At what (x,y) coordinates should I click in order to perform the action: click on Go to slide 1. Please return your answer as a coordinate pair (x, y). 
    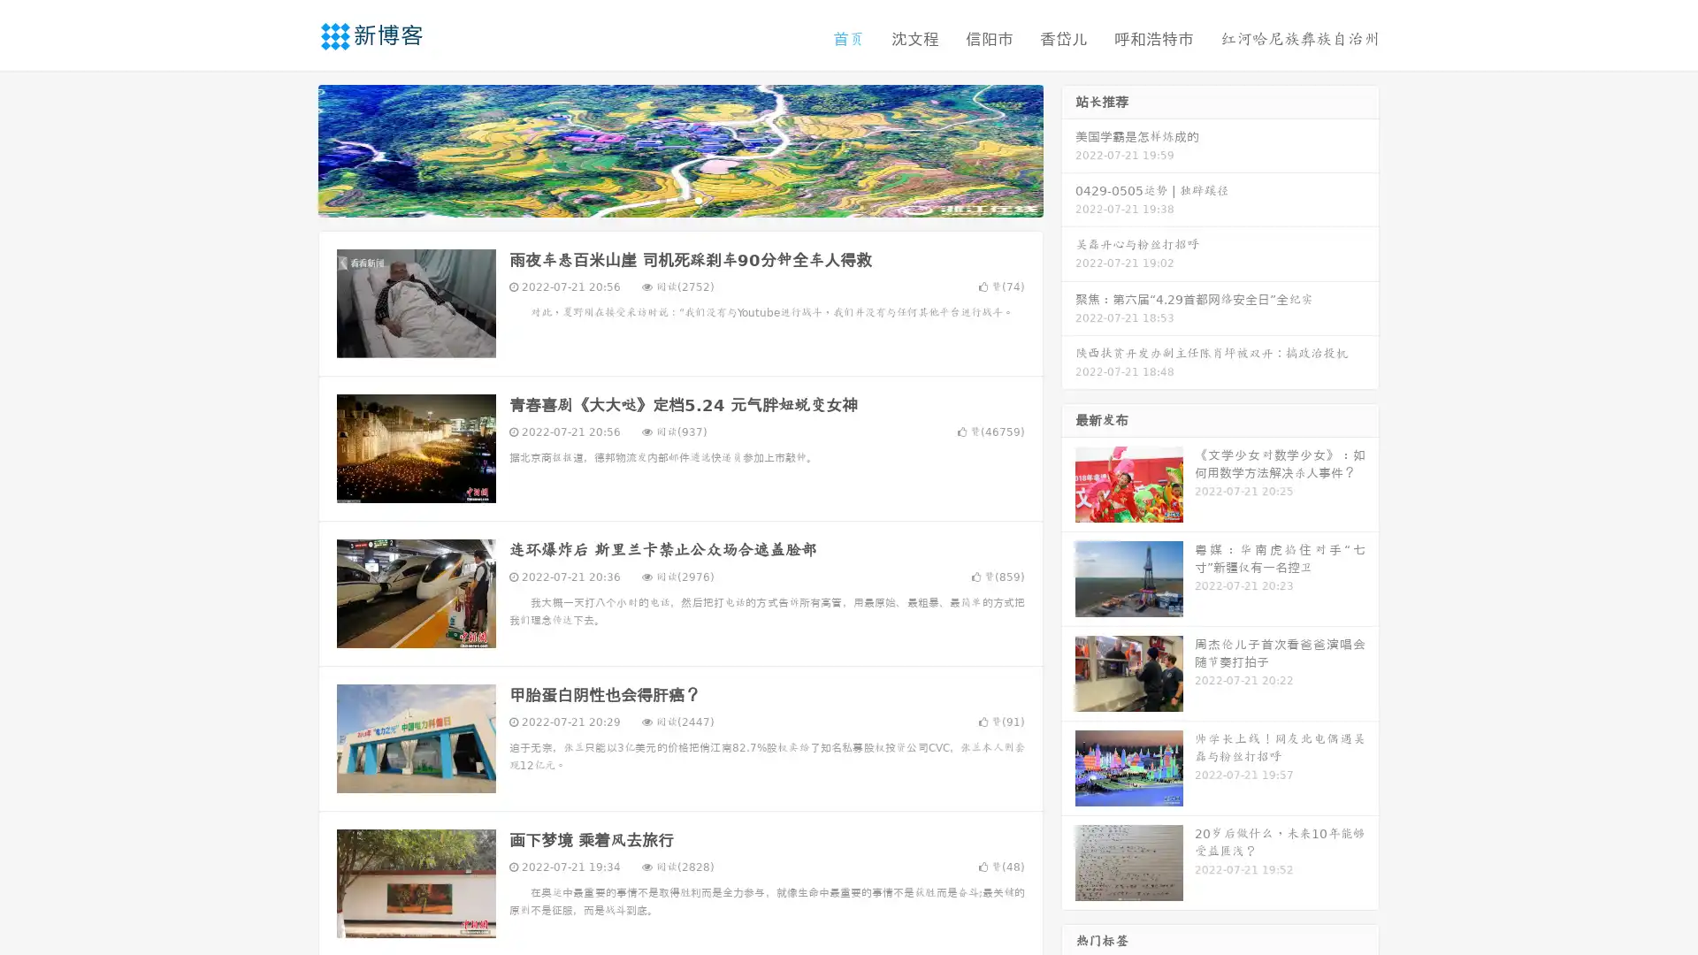
    Looking at the image, I should click on (662, 199).